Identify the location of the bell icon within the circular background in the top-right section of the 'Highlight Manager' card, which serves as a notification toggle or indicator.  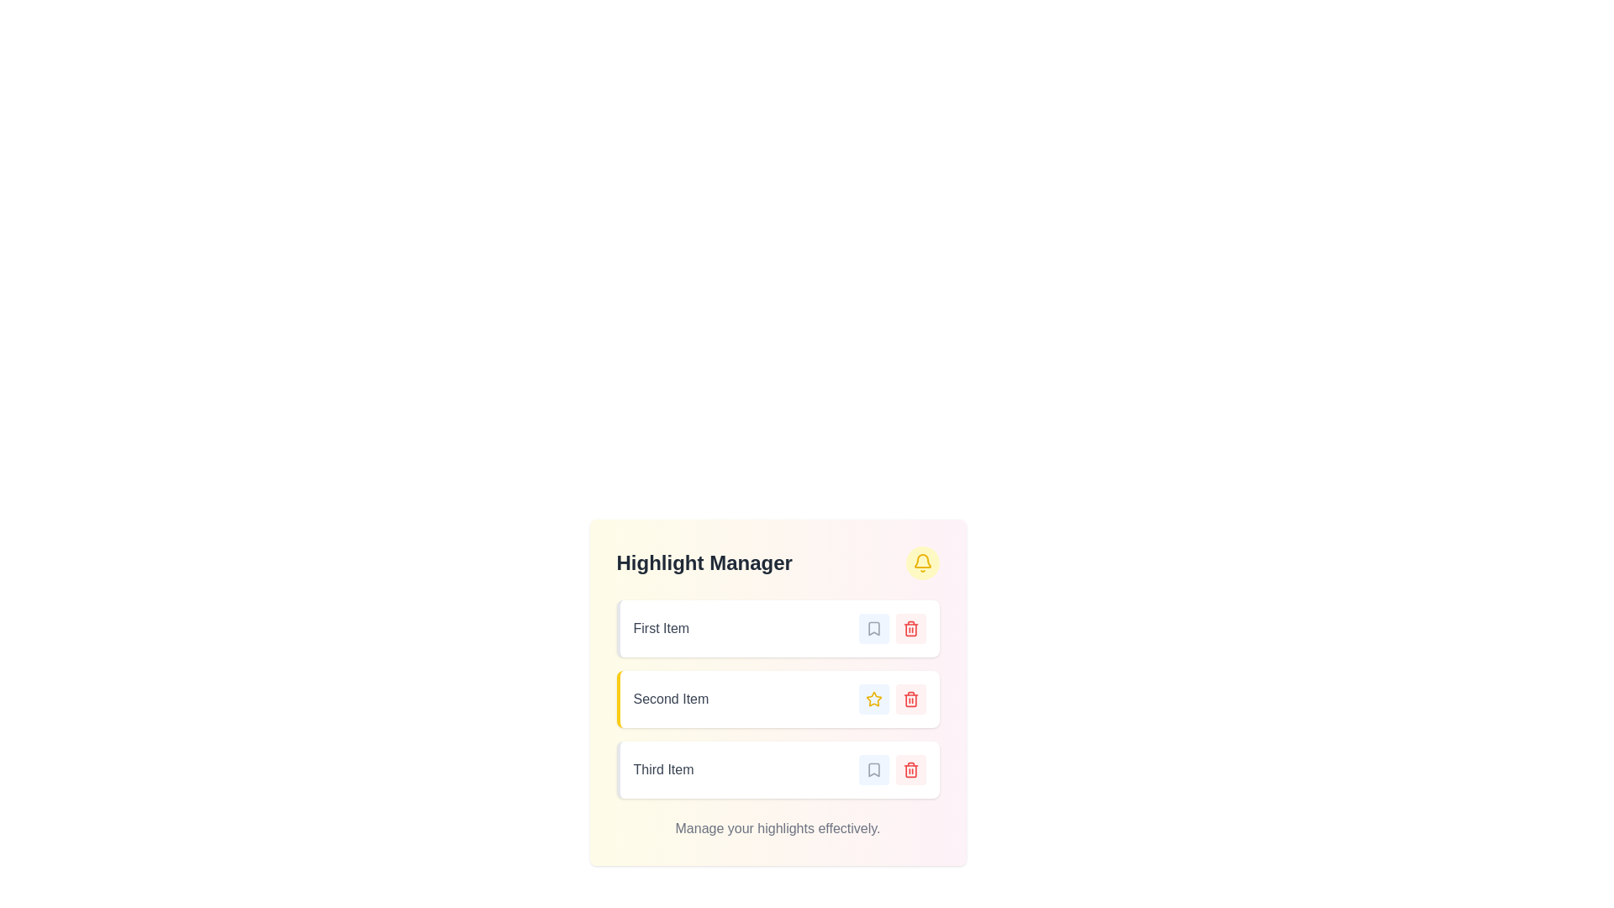
(921, 563).